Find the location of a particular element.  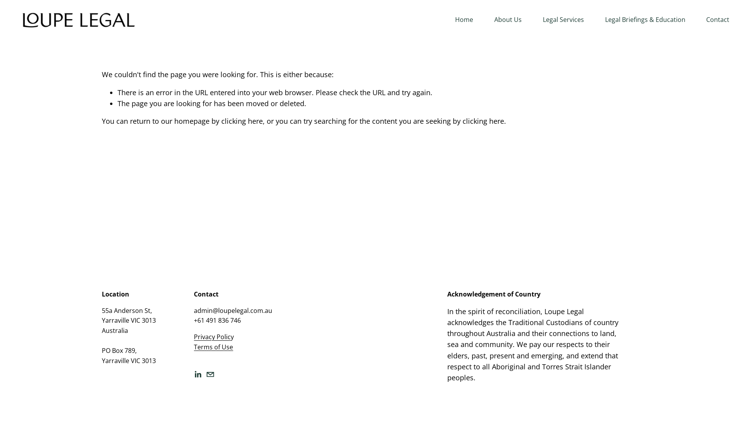

'Terms of Use' is located at coordinates (213, 347).